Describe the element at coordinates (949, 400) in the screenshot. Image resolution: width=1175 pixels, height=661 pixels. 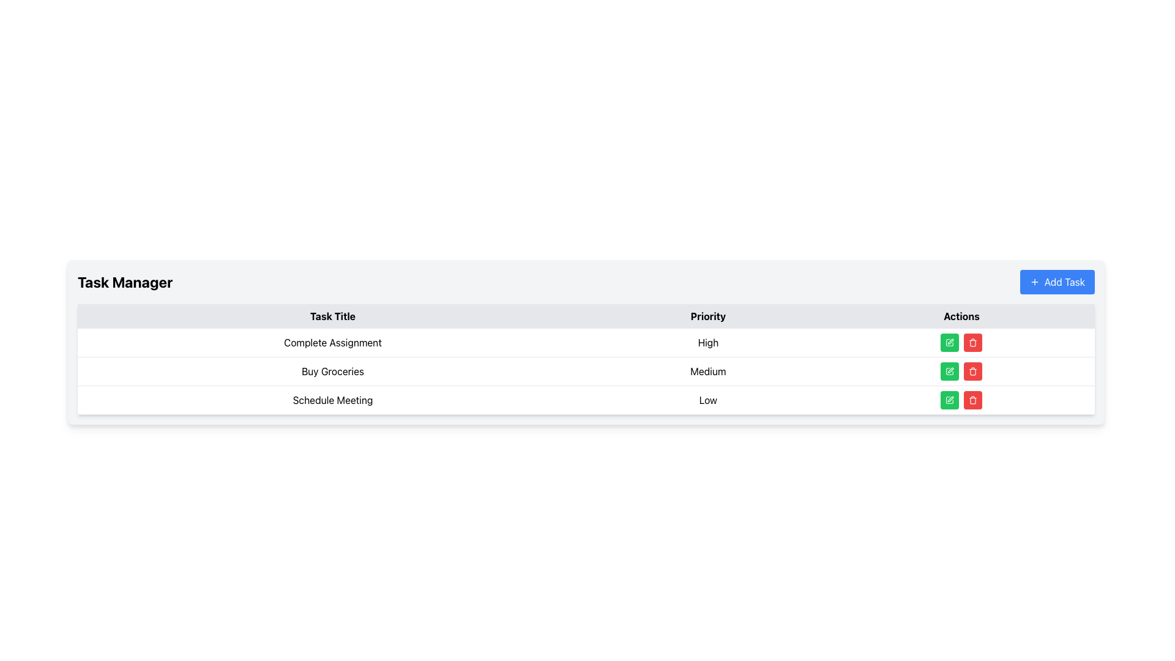
I see `the pen icon button within the Actions column for the Schedule Meeting task` at that location.